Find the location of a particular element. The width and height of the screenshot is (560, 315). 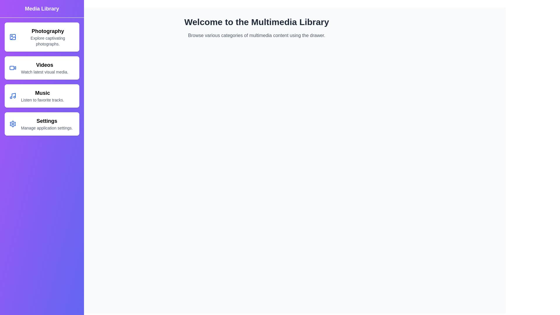

the Photography category in the MultimediaDrawer is located at coordinates (42, 37).